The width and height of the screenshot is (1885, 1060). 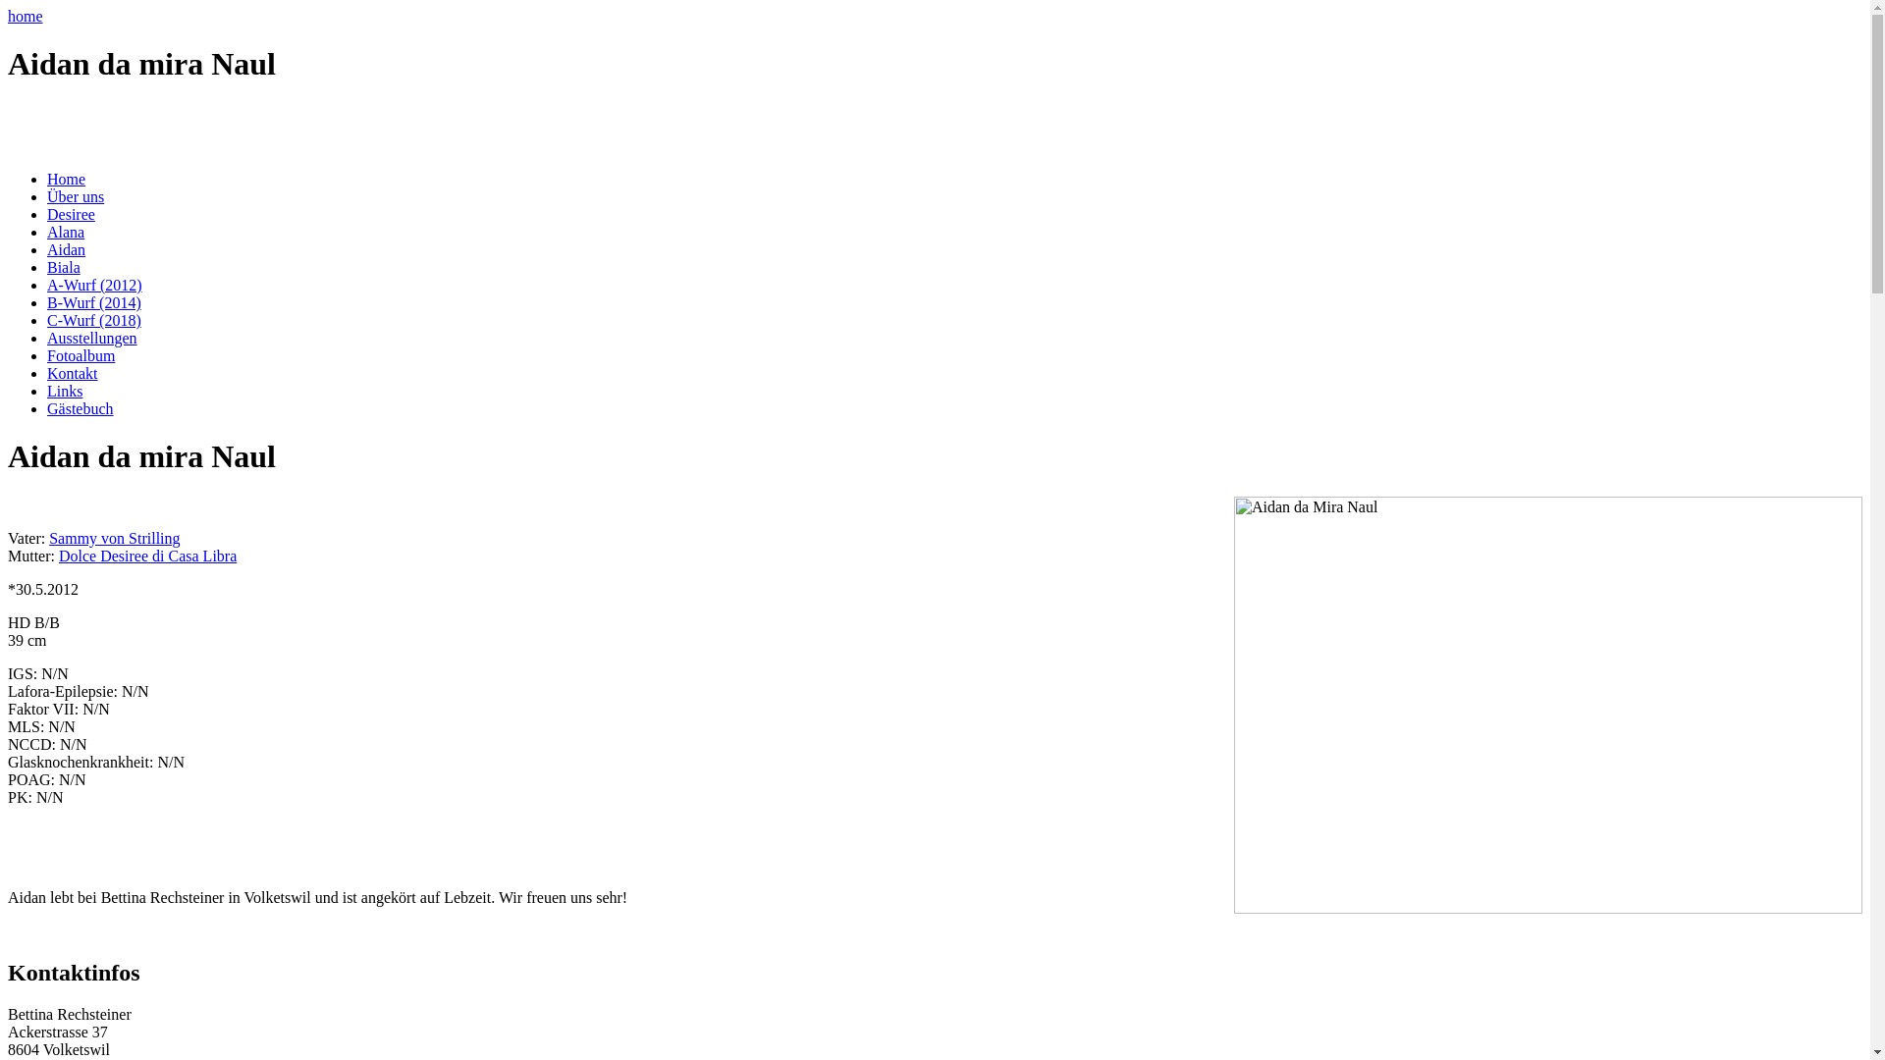 I want to click on 'Fotoalbum', so click(x=80, y=355).